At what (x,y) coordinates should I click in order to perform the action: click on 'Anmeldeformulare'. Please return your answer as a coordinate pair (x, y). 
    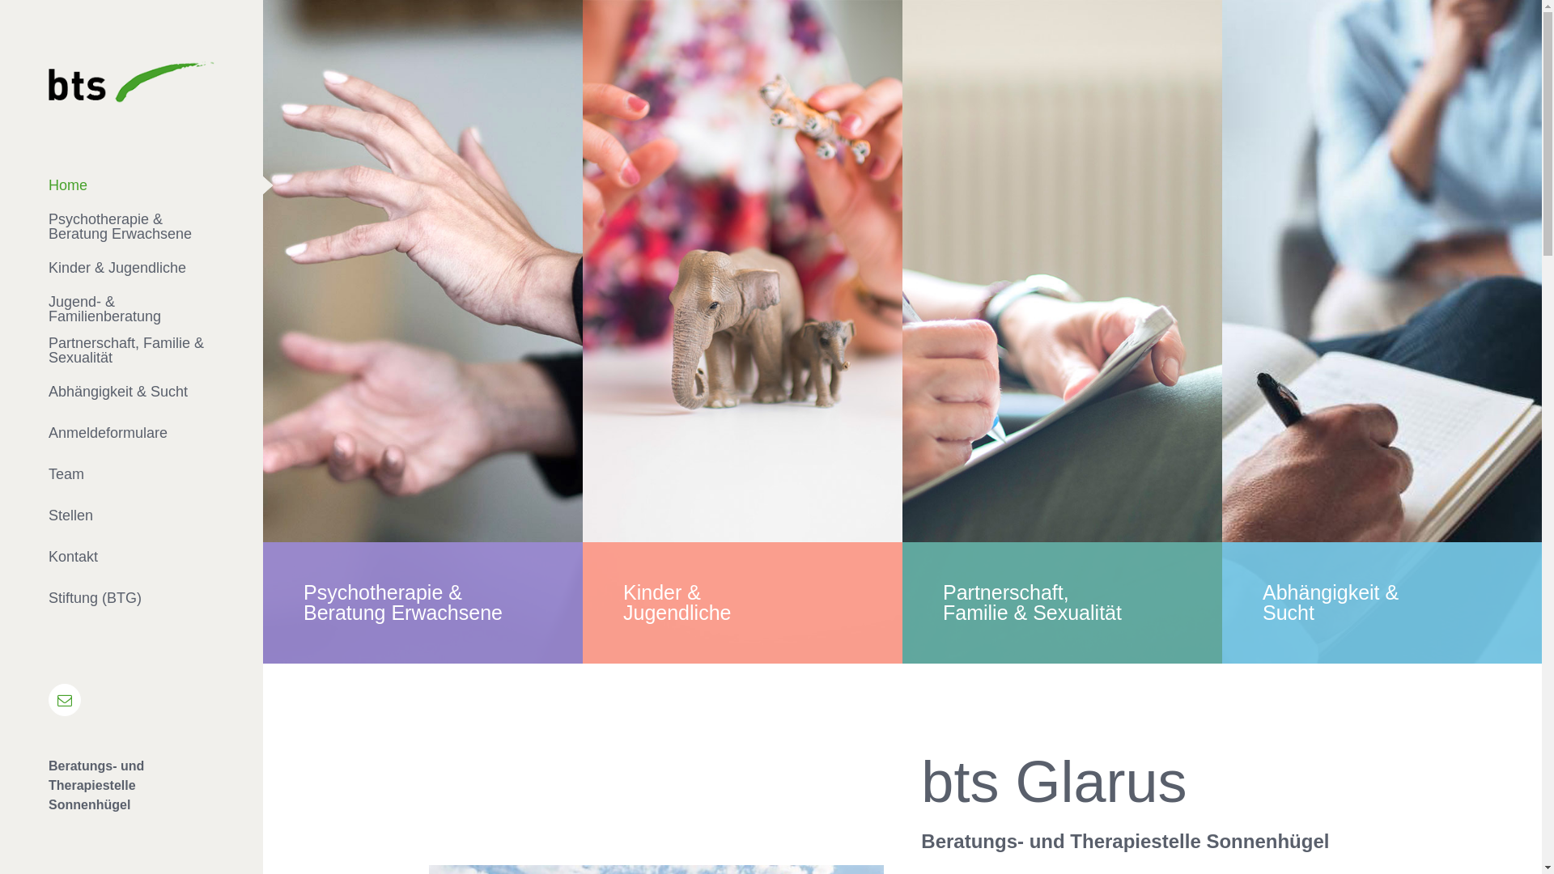
    Looking at the image, I should click on (131, 432).